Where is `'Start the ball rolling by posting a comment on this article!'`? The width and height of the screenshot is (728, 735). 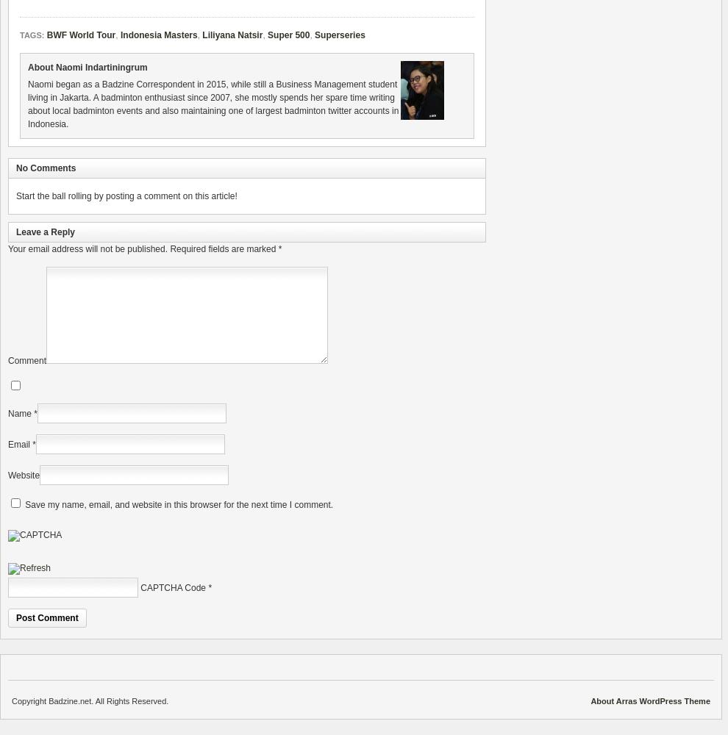
'Start the ball rolling by posting a comment on this article!' is located at coordinates (126, 196).